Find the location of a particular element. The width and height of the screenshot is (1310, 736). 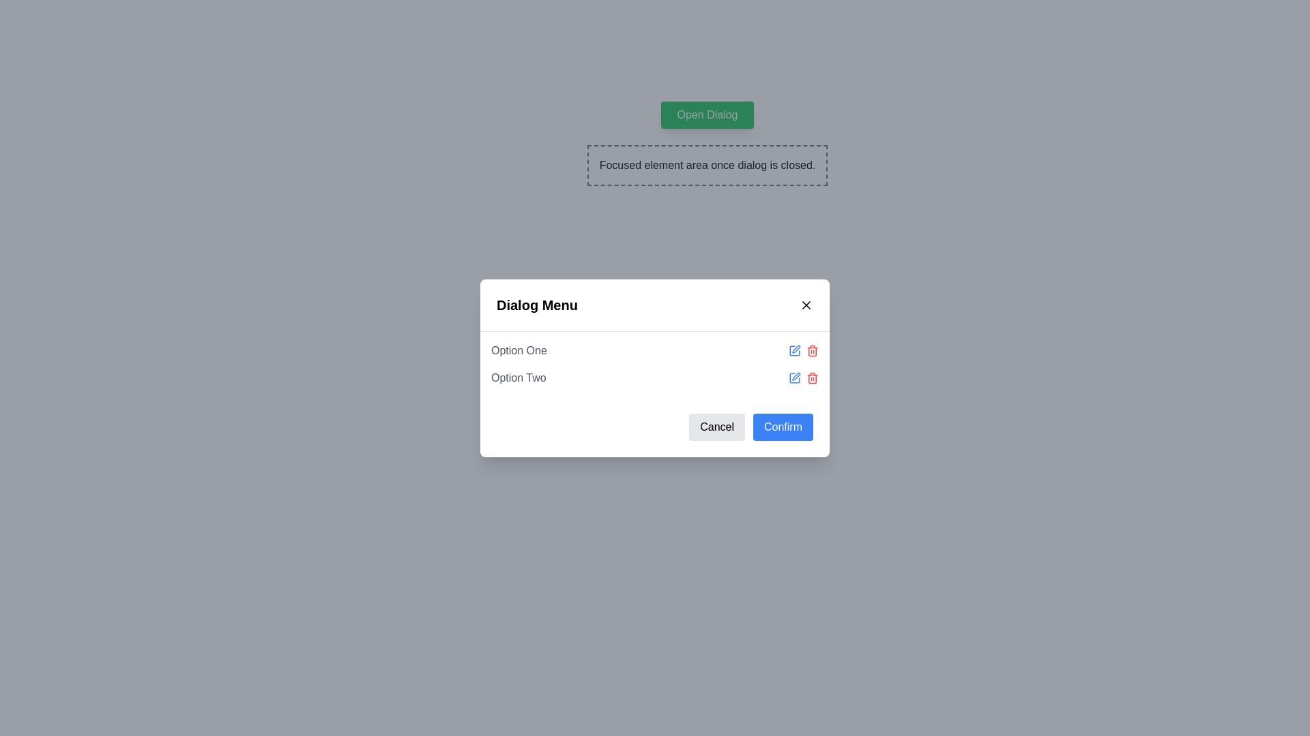

the pencil tool icon located within the modal dialog box, adjacent to the text labeled 'Option One' is located at coordinates (796, 348).